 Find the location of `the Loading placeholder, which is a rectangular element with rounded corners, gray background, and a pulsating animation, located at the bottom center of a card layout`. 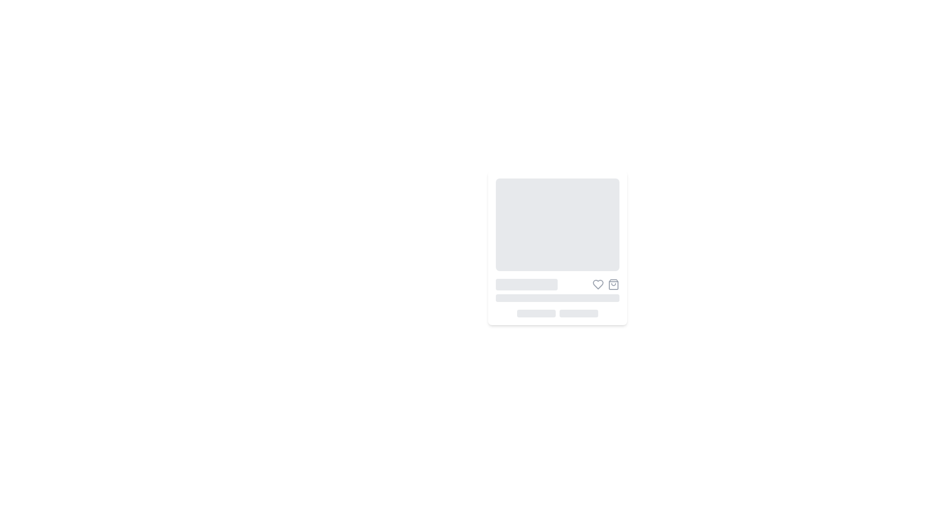

the Loading placeholder, which is a rectangular element with rounded corners, gray background, and a pulsating animation, located at the bottom center of a card layout is located at coordinates (535, 314).